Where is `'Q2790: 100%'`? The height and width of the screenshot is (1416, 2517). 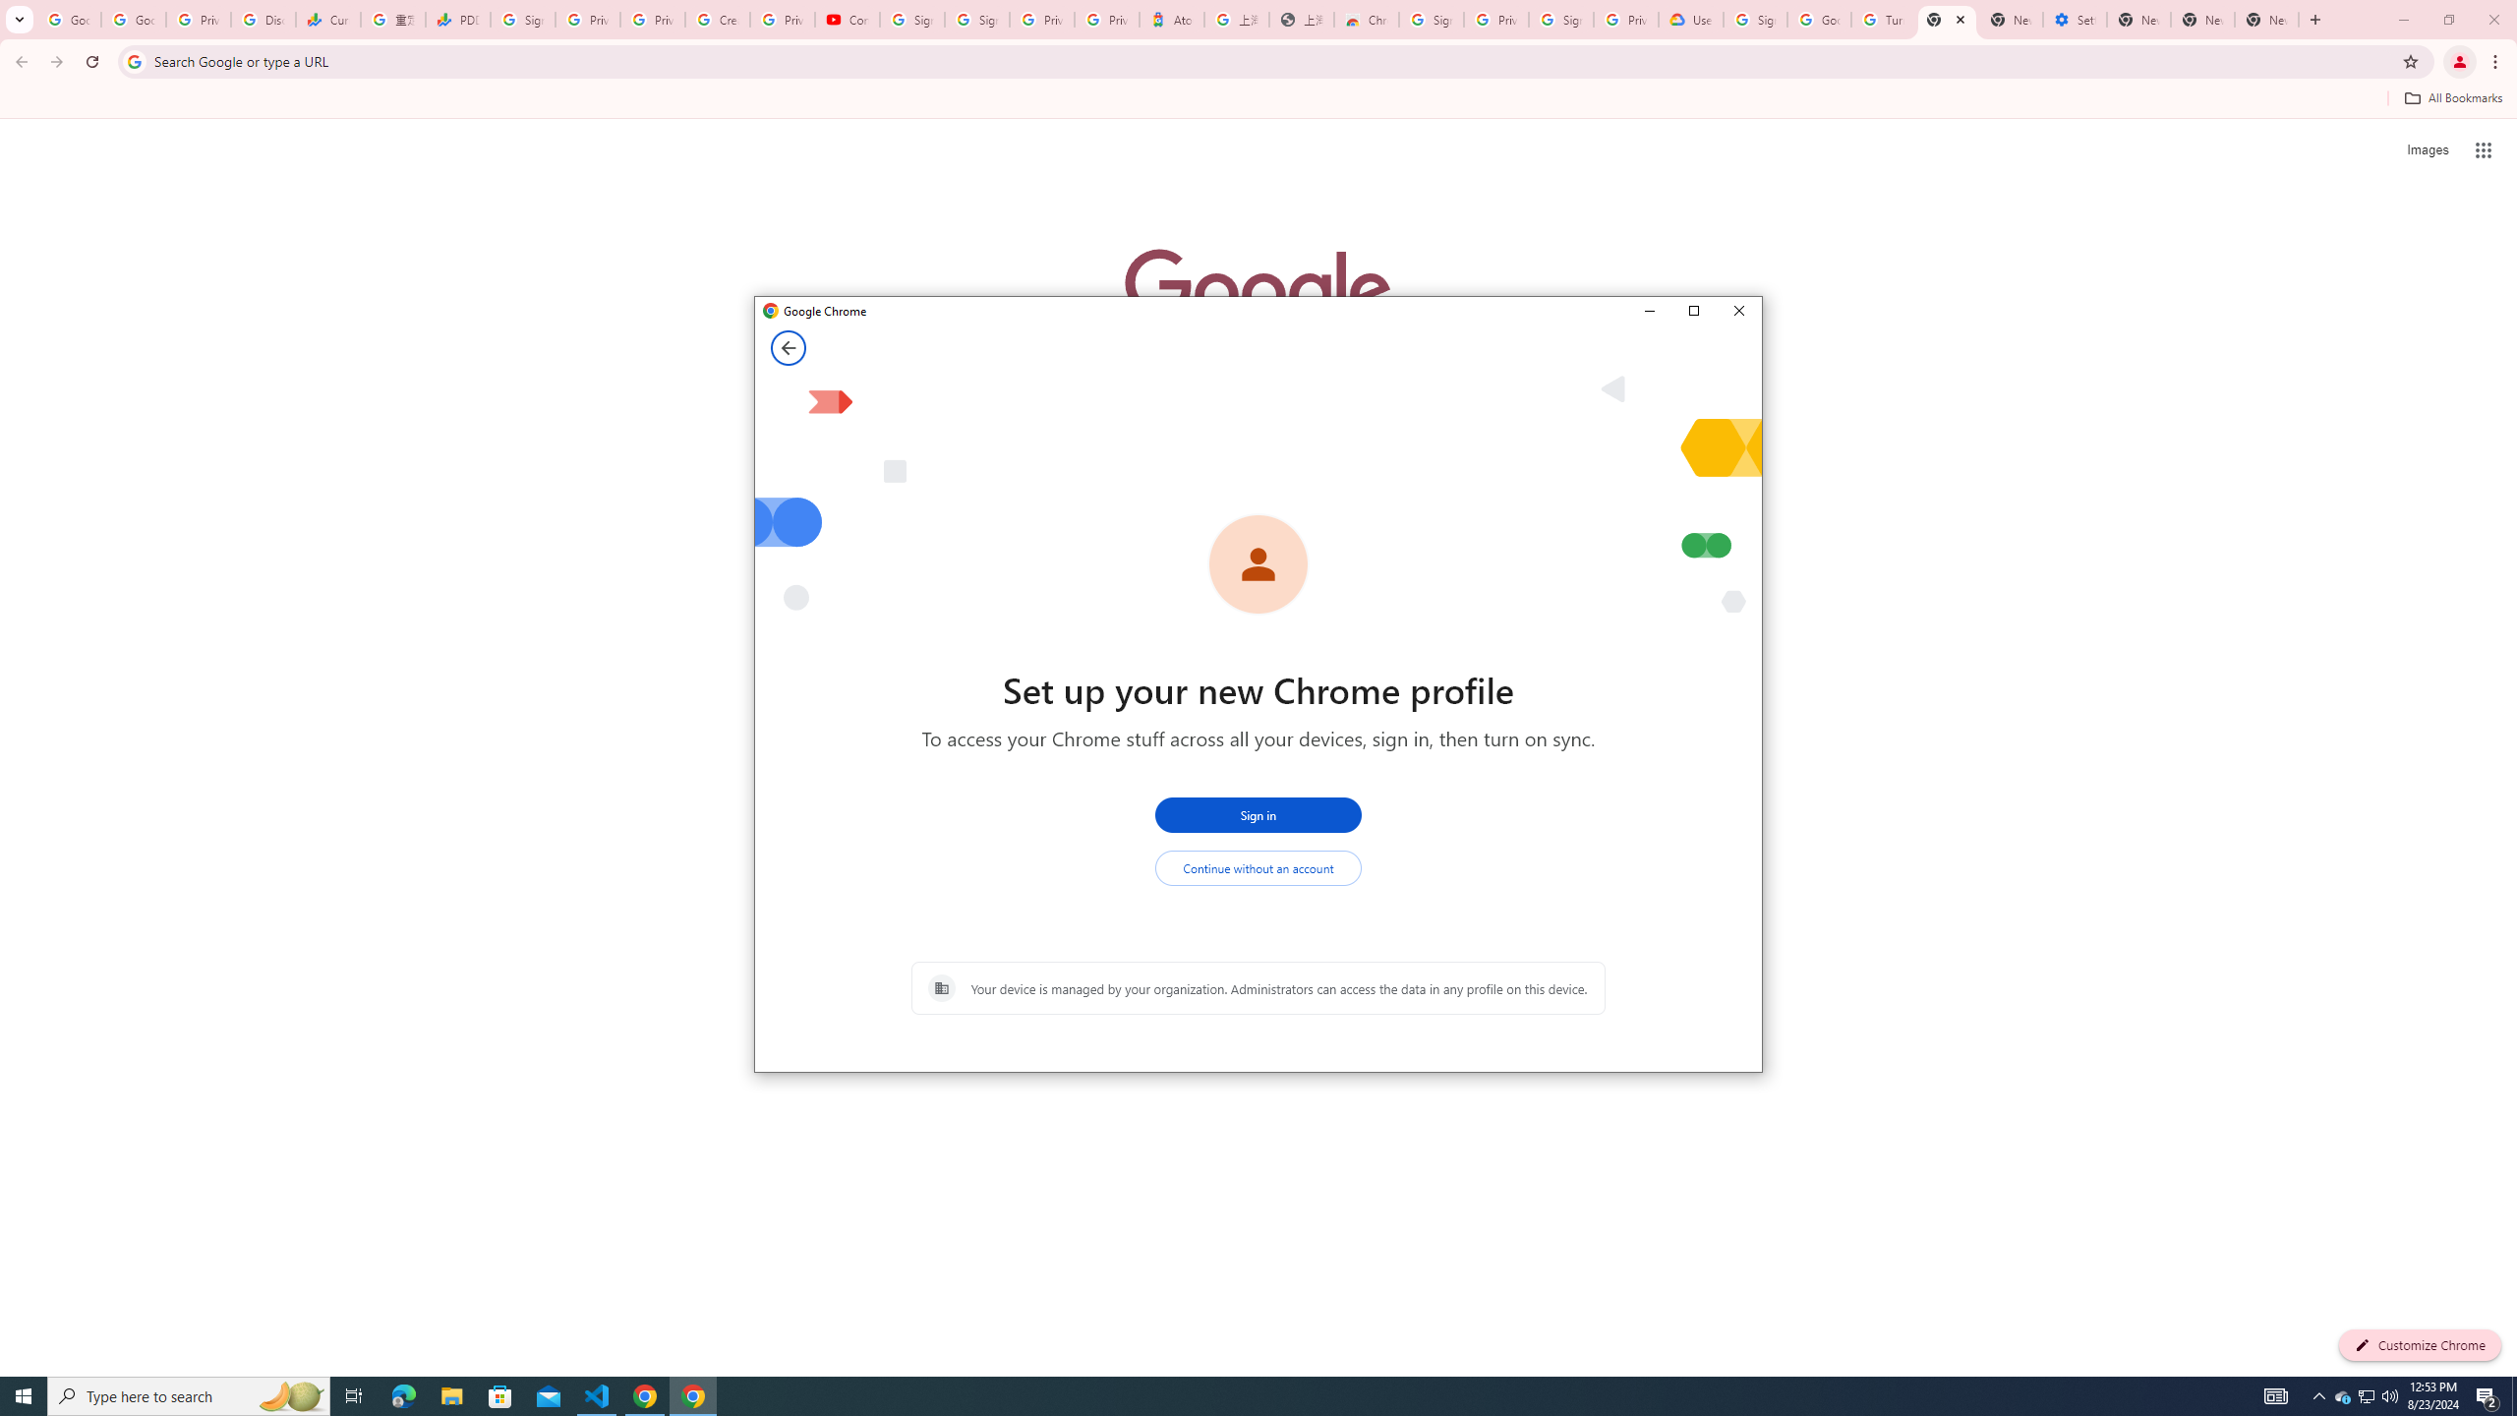 'Q2790: 100%' is located at coordinates (2388, 1394).